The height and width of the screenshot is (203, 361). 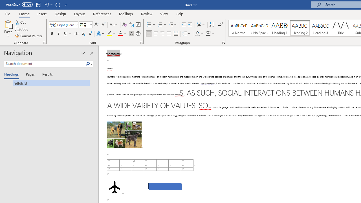 I want to click on 'Repeat Style', so click(x=58, y=5).